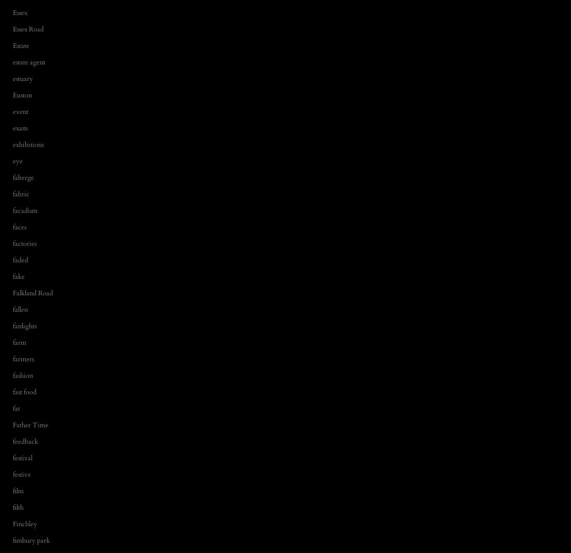 The width and height of the screenshot is (571, 553). What do you see at coordinates (23, 177) in the screenshot?
I see `'faberge'` at bounding box center [23, 177].